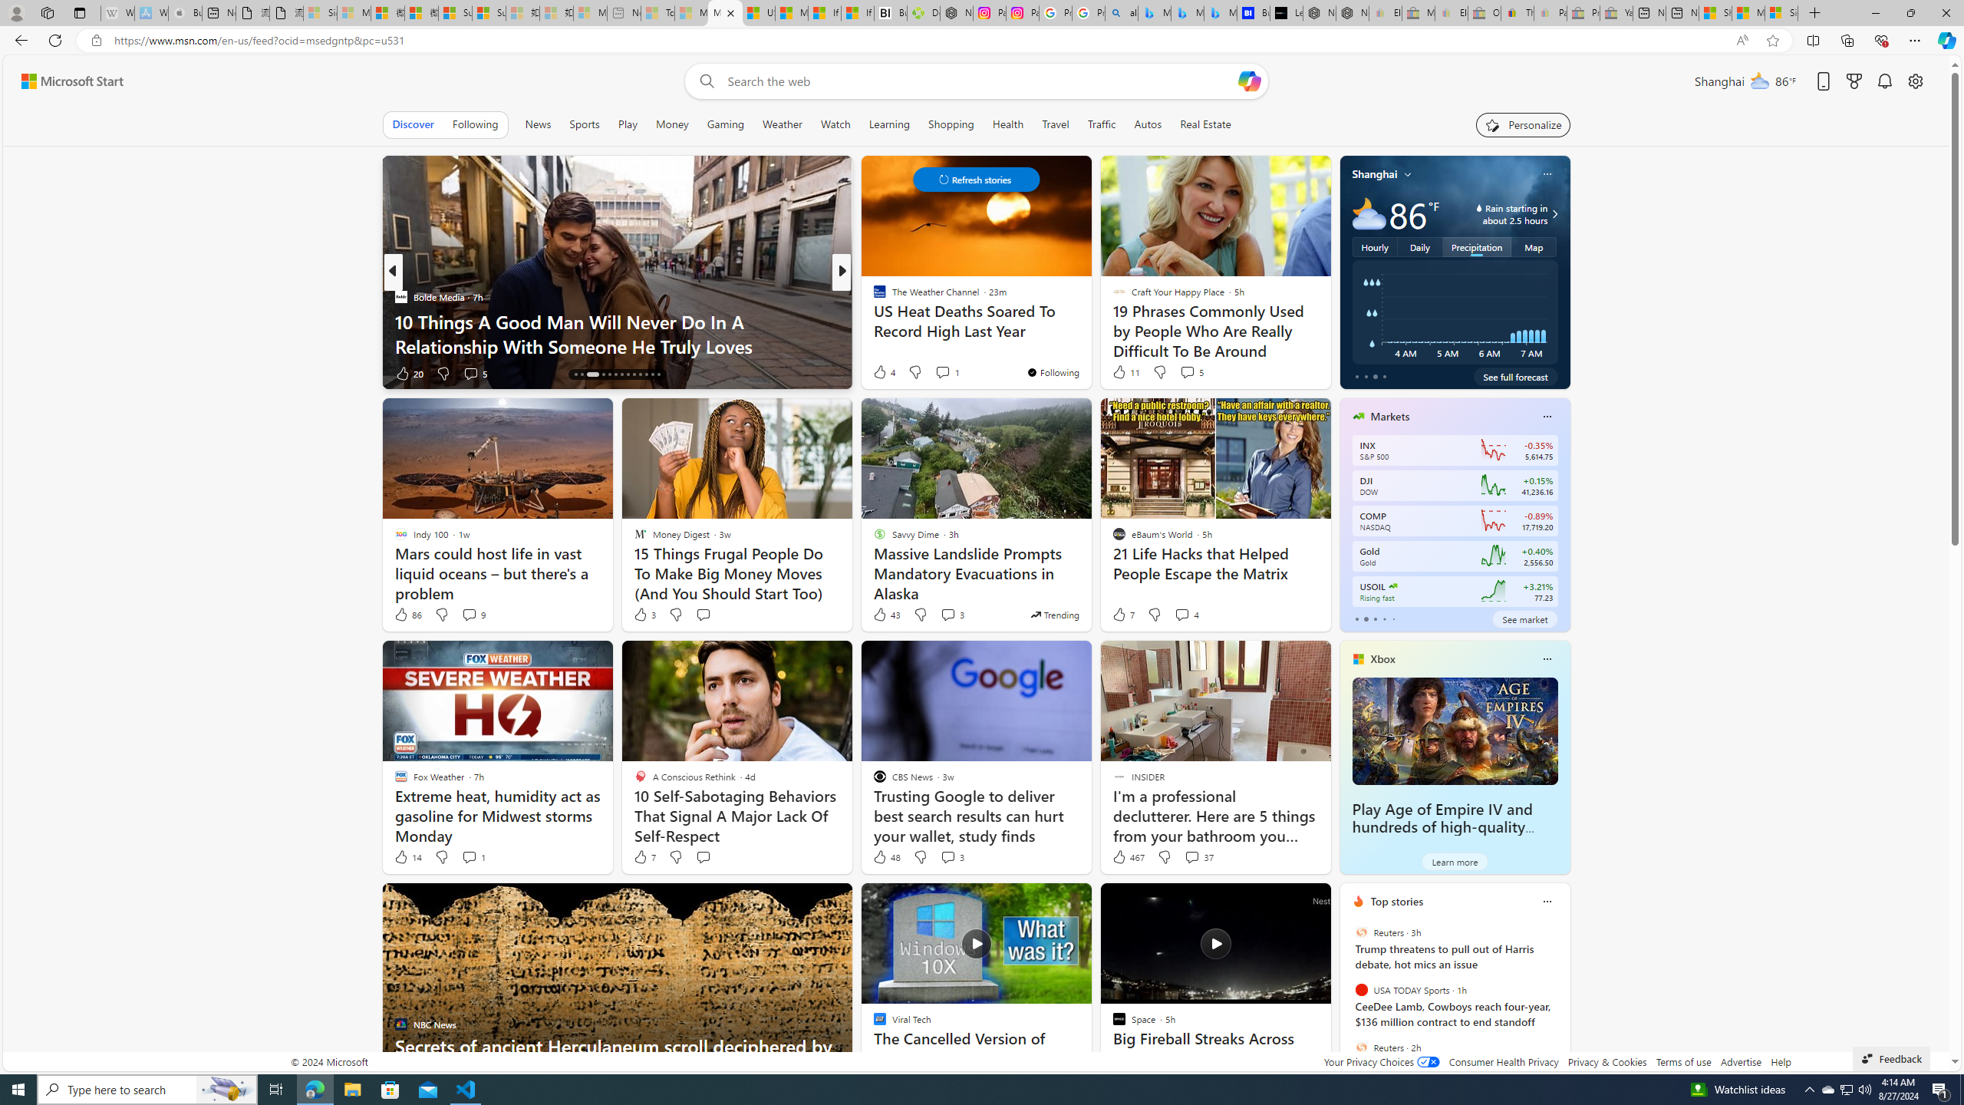  I want to click on 'Mostly cloudy', so click(1369, 213).